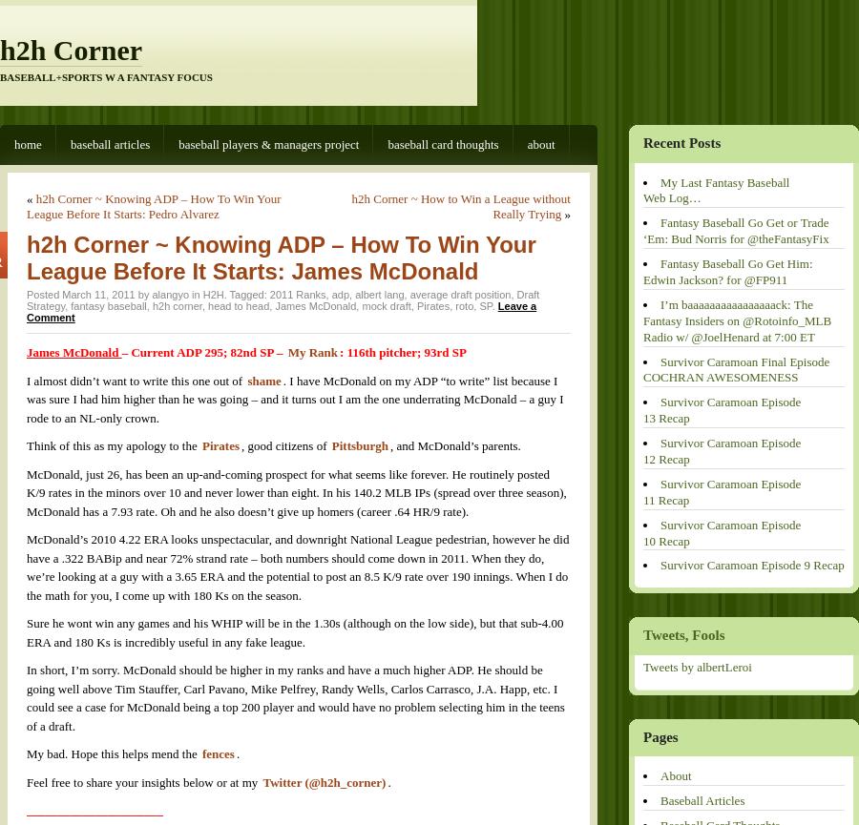 The height and width of the screenshot is (825, 859). Describe the element at coordinates (460, 205) in the screenshot. I see `'h2h Corner ~ How to Win a League without Really Trying'` at that location.